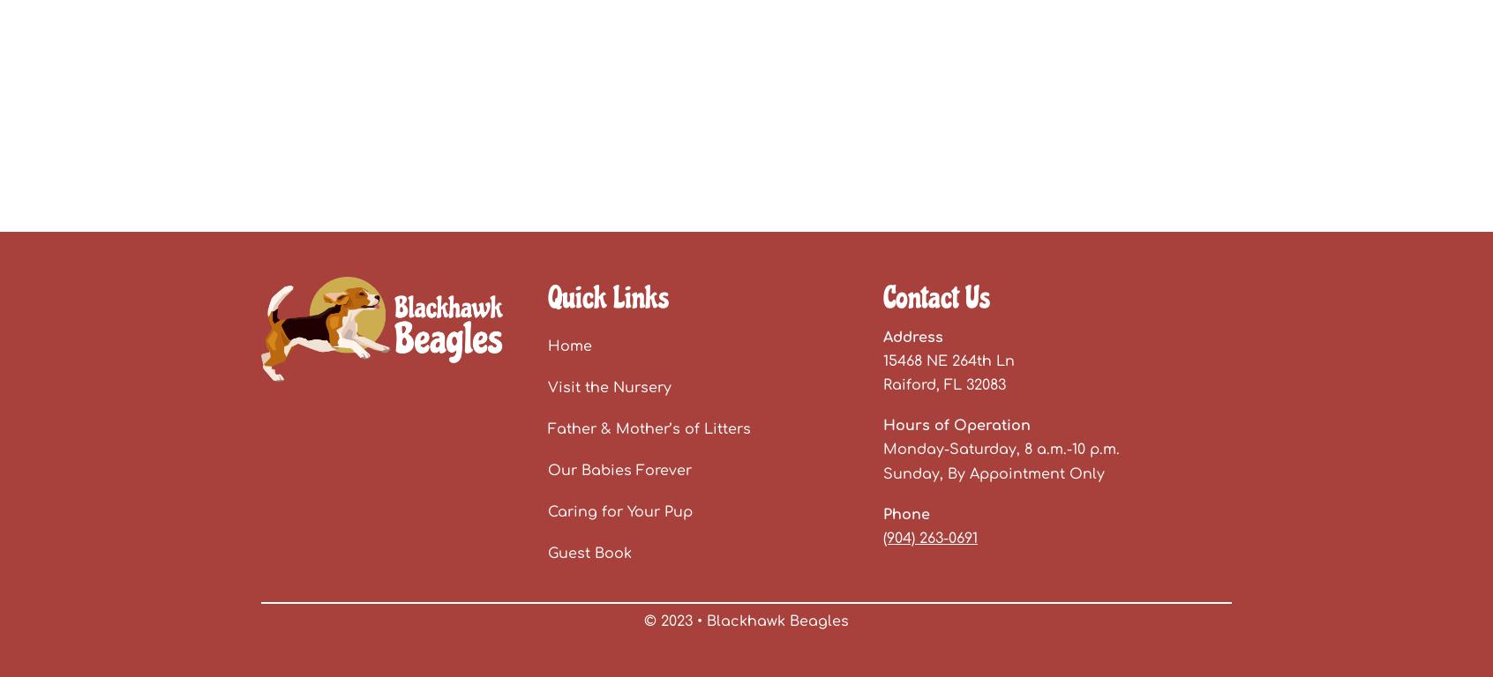  I want to click on 'Contact Us', so click(936, 295).